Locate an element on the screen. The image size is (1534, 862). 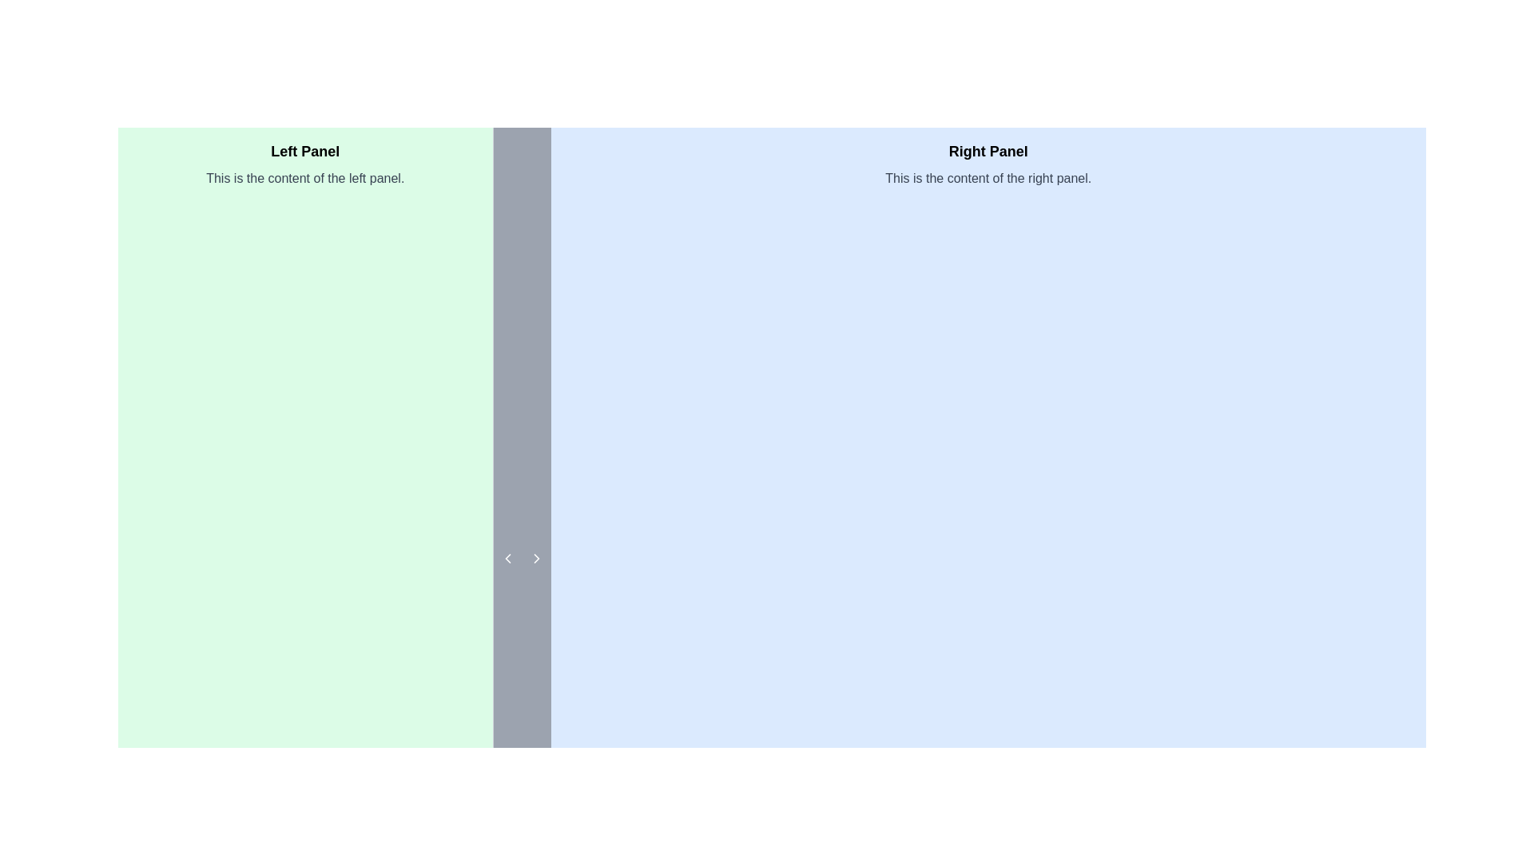
the left-pointing chevron button with a white outline on a gray background is located at coordinates (507, 557).